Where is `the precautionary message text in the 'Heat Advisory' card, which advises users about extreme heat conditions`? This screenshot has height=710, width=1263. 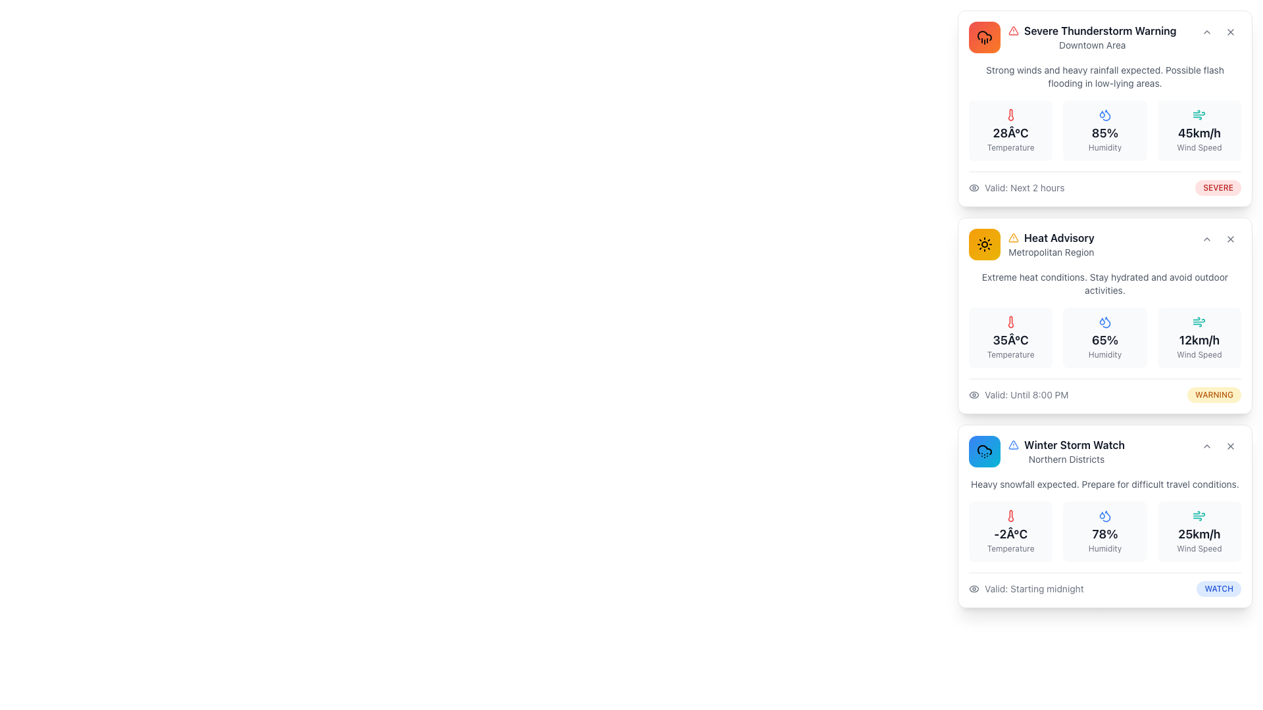 the precautionary message text in the 'Heat Advisory' card, which advises users about extreme heat conditions is located at coordinates (1105, 283).